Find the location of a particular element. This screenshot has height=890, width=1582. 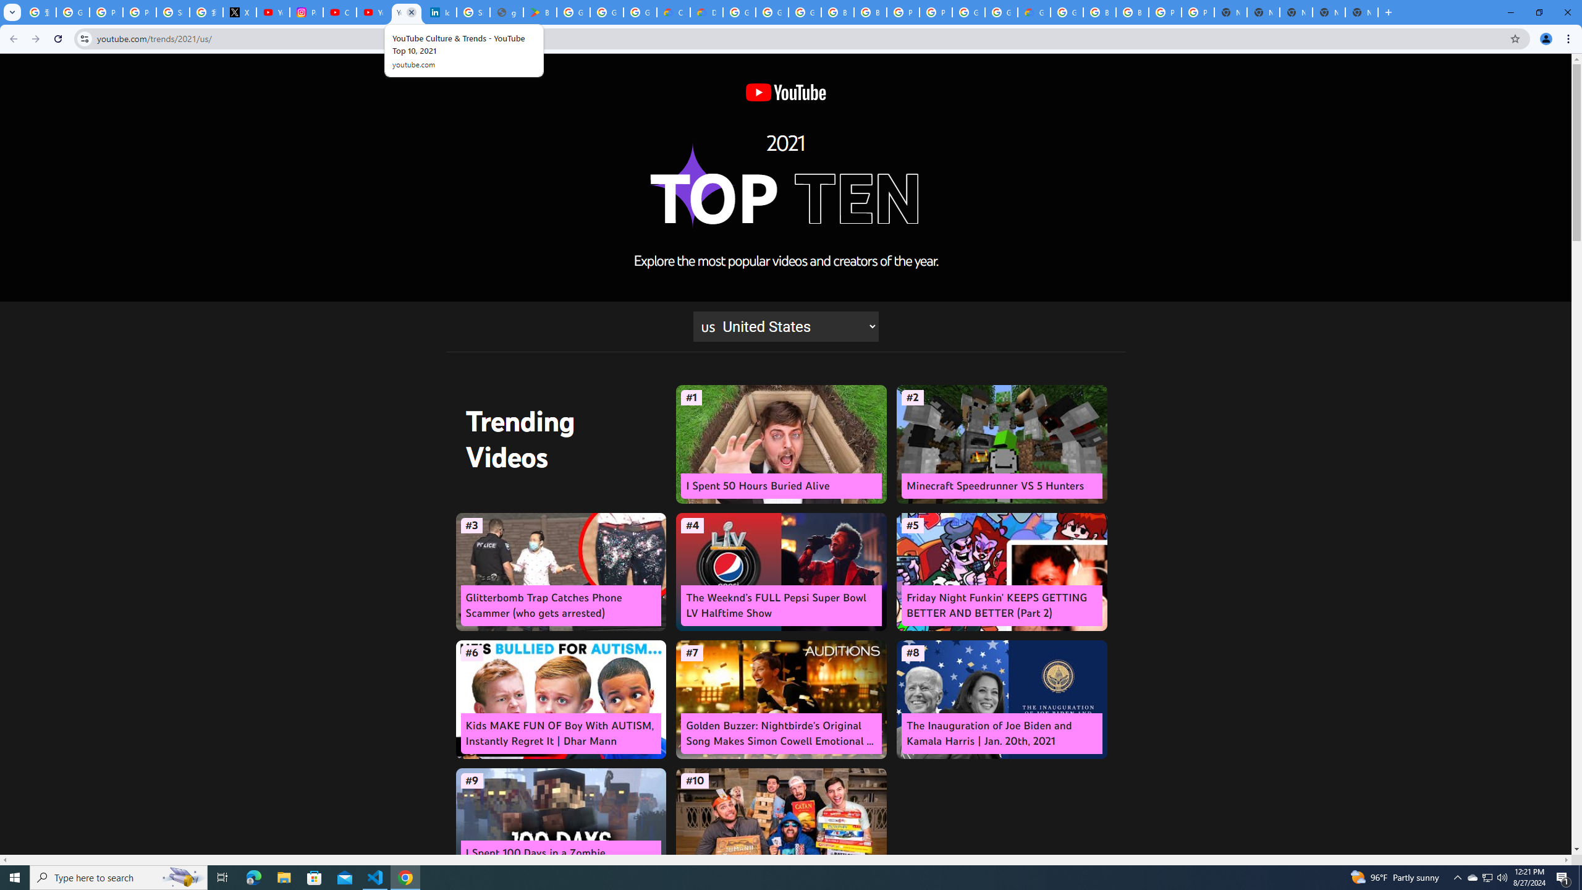

'YouTube Content Monetization Policies - How YouTube Works' is located at coordinates (273, 12).